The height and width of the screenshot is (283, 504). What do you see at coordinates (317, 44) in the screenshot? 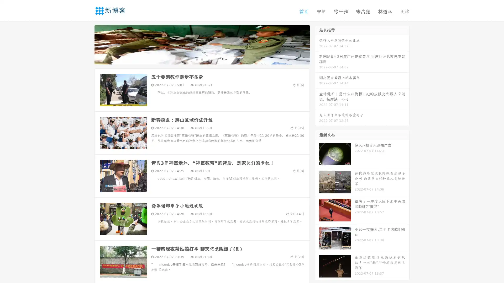
I see `Next slide` at bounding box center [317, 44].